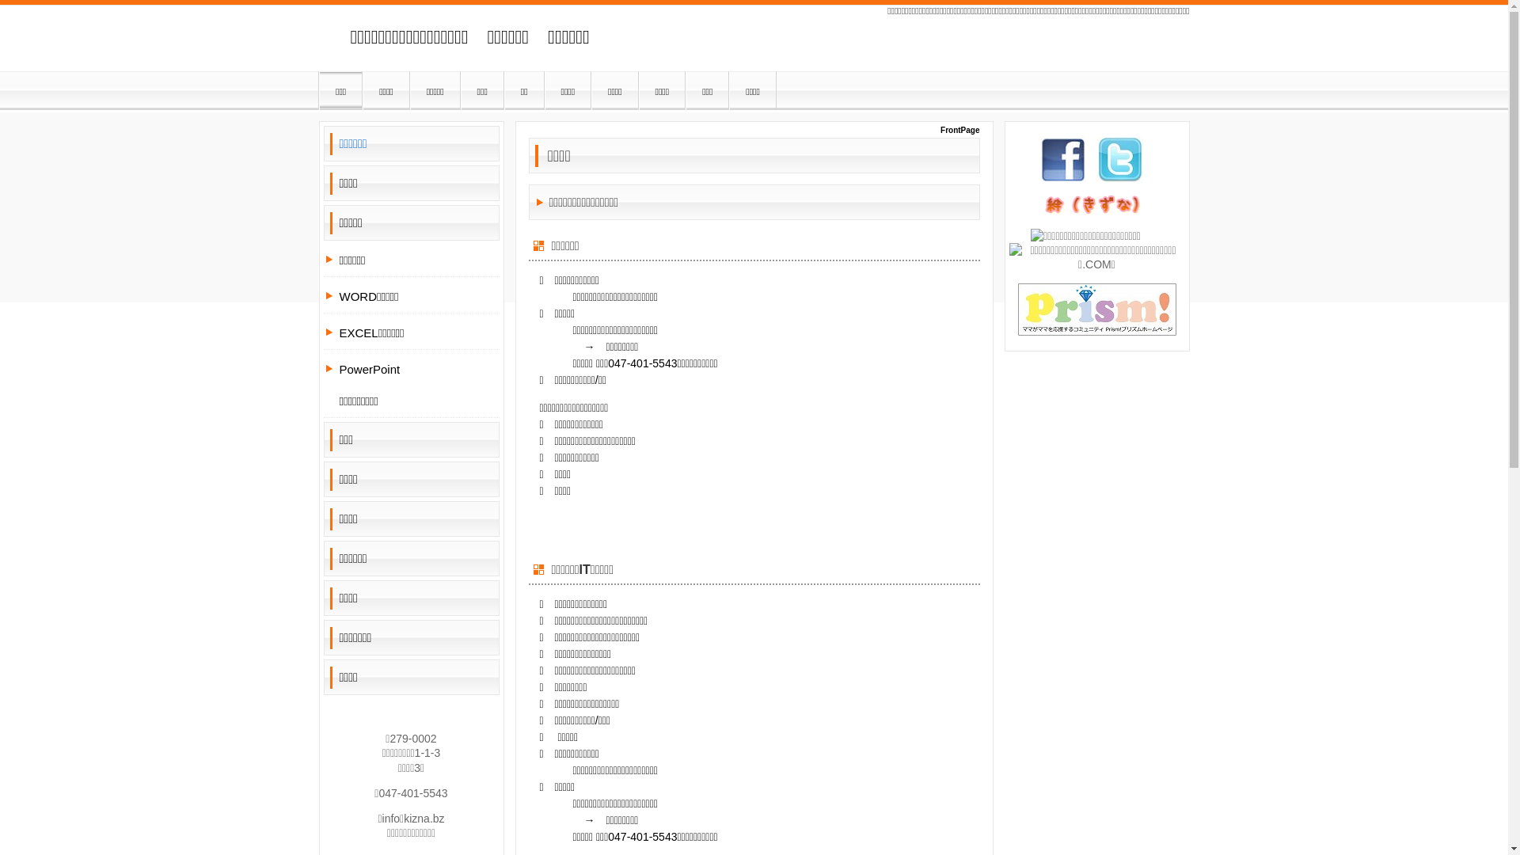 The height and width of the screenshot is (855, 1520). Describe the element at coordinates (1119, 159) in the screenshot. I see `'tw'` at that location.